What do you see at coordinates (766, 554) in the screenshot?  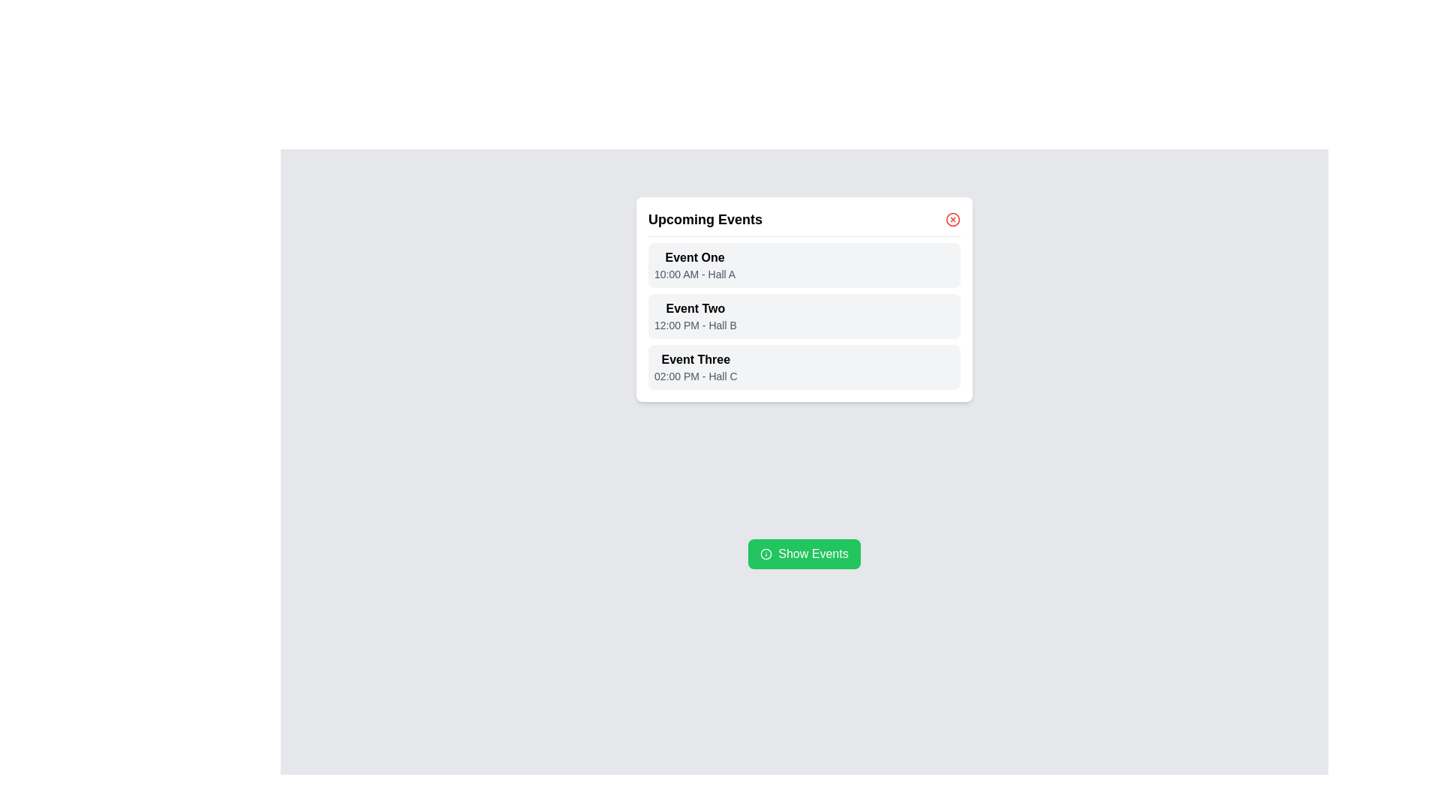 I see `the circular 'i' icon with an outlined border that is part of the 'Show Events' button, located on the left side of the button` at bounding box center [766, 554].